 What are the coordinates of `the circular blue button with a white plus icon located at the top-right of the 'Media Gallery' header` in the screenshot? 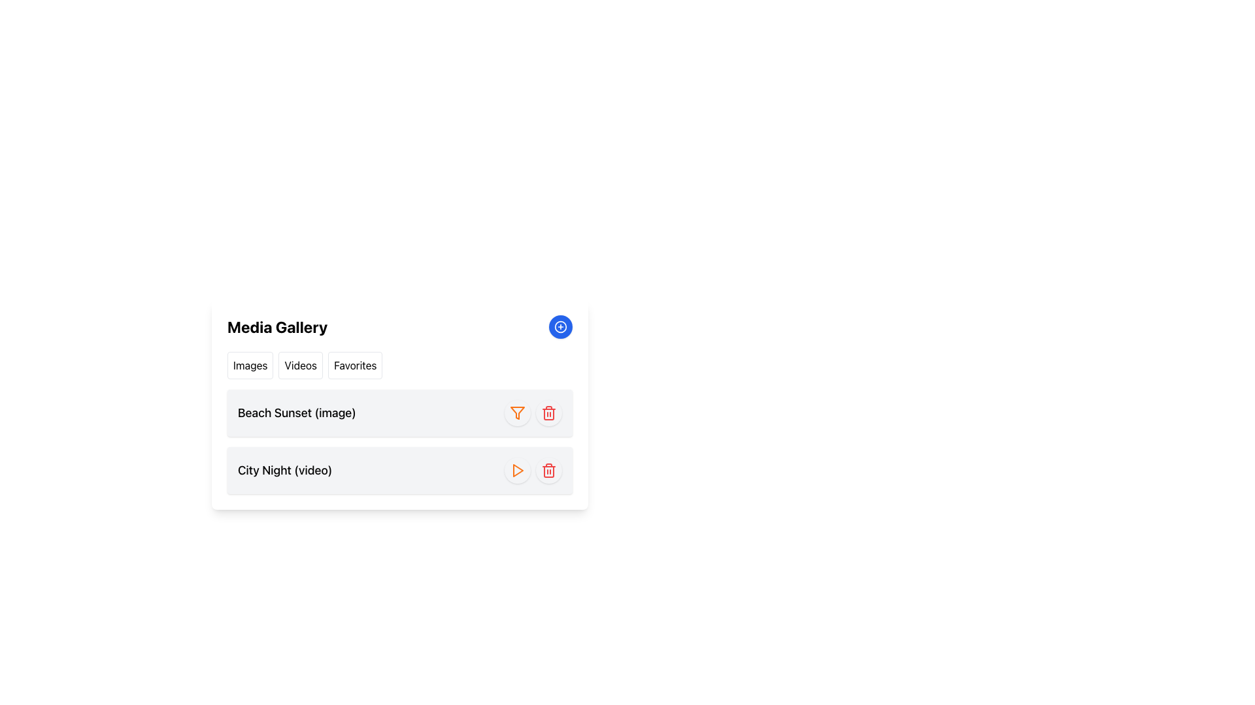 It's located at (561, 326).